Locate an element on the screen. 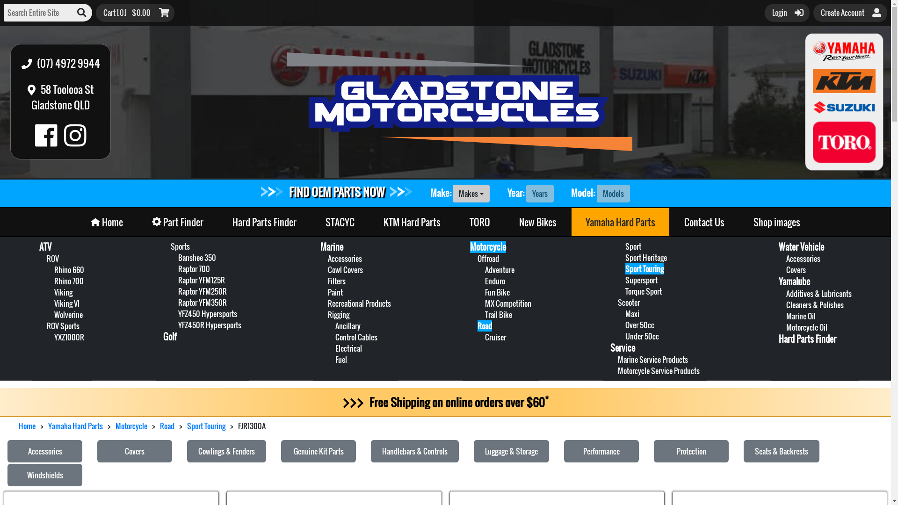 The image size is (898, 505). 'Shop images' is located at coordinates (739, 222).